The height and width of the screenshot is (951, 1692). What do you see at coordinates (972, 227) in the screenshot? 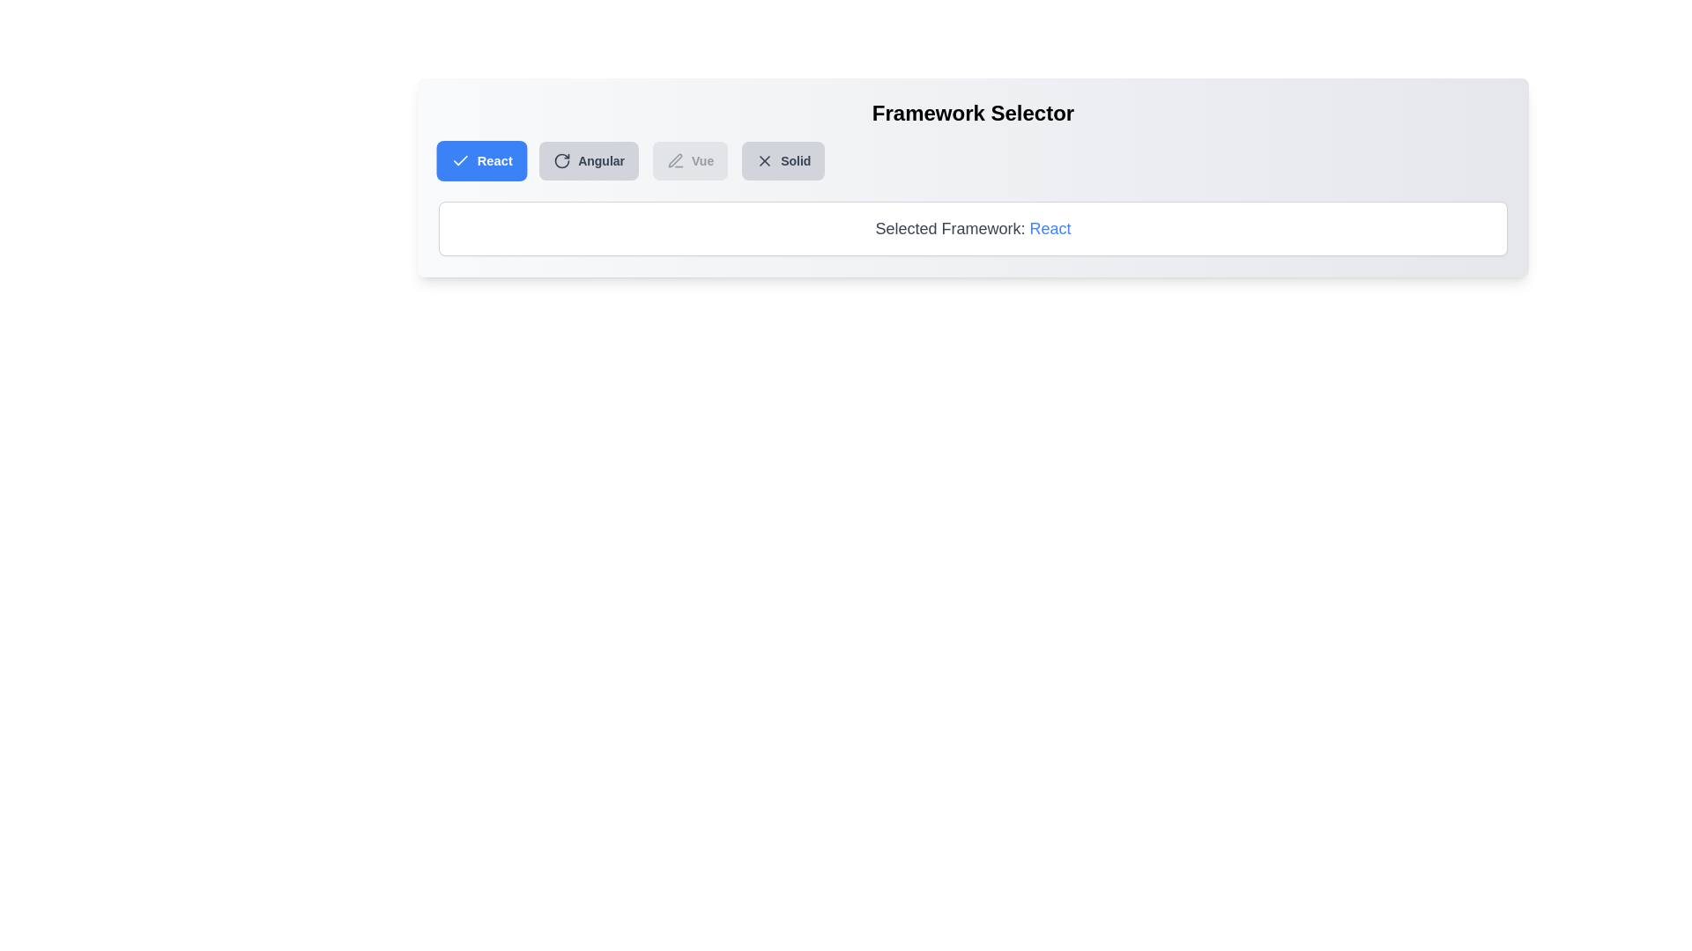
I see `the text display box that shows 'Selected Framework: React' with a blue 'React' text, located below the 'Framework Selector' title` at bounding box center [972, 227].